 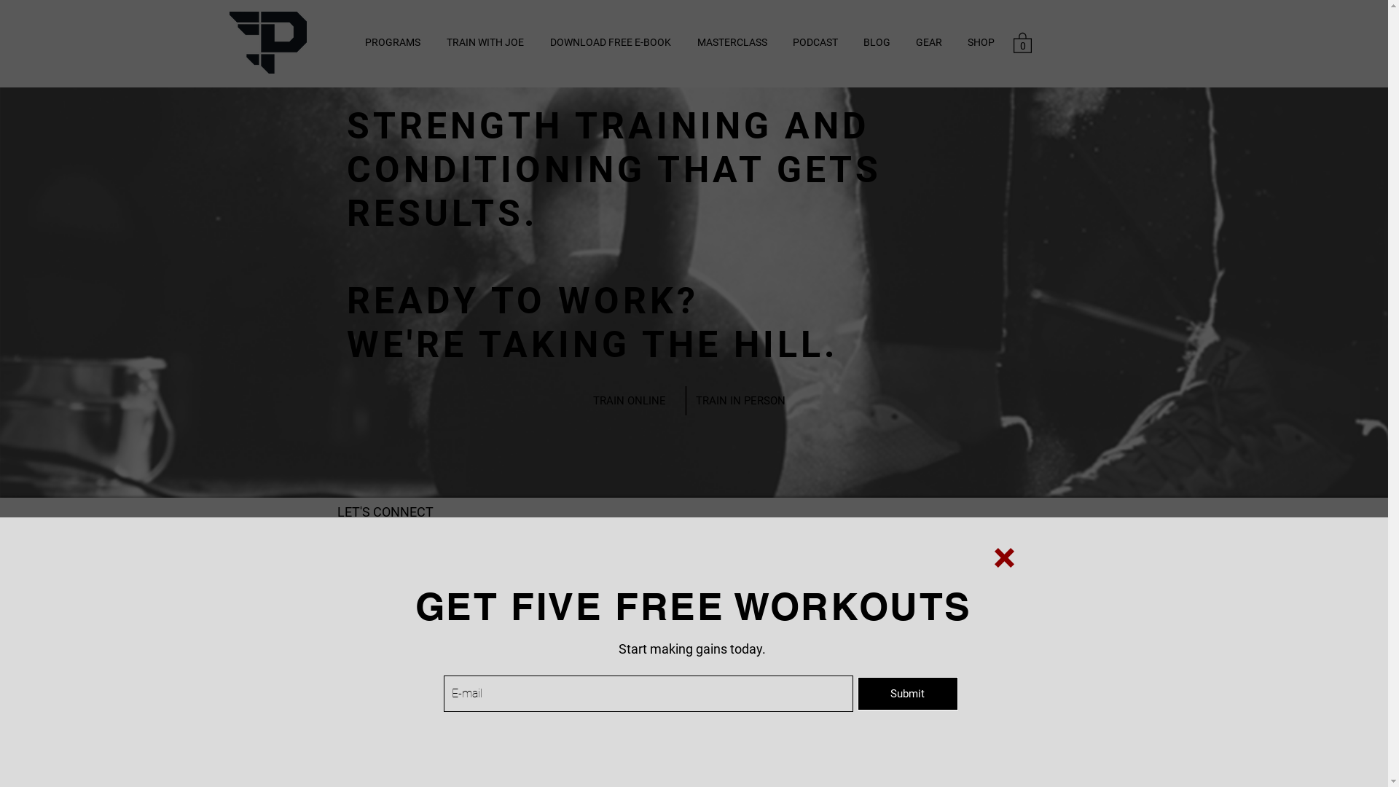 What do you see at coordinates (877, 42) in the screenshot?
I see `'BLOG'` at bounding box center [877, 42].